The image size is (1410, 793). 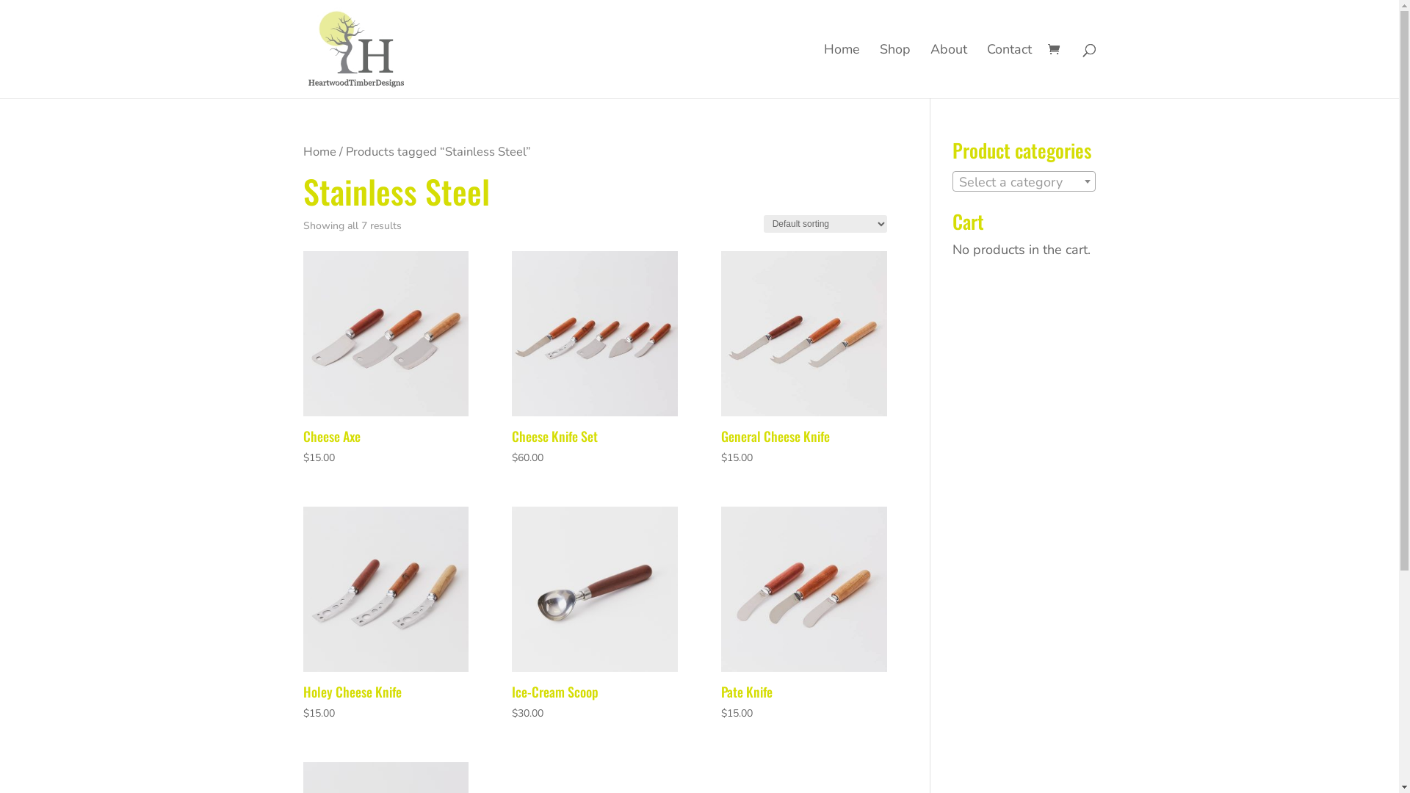 I want to click on 'Pate Knife, so click(x=803, y=615).